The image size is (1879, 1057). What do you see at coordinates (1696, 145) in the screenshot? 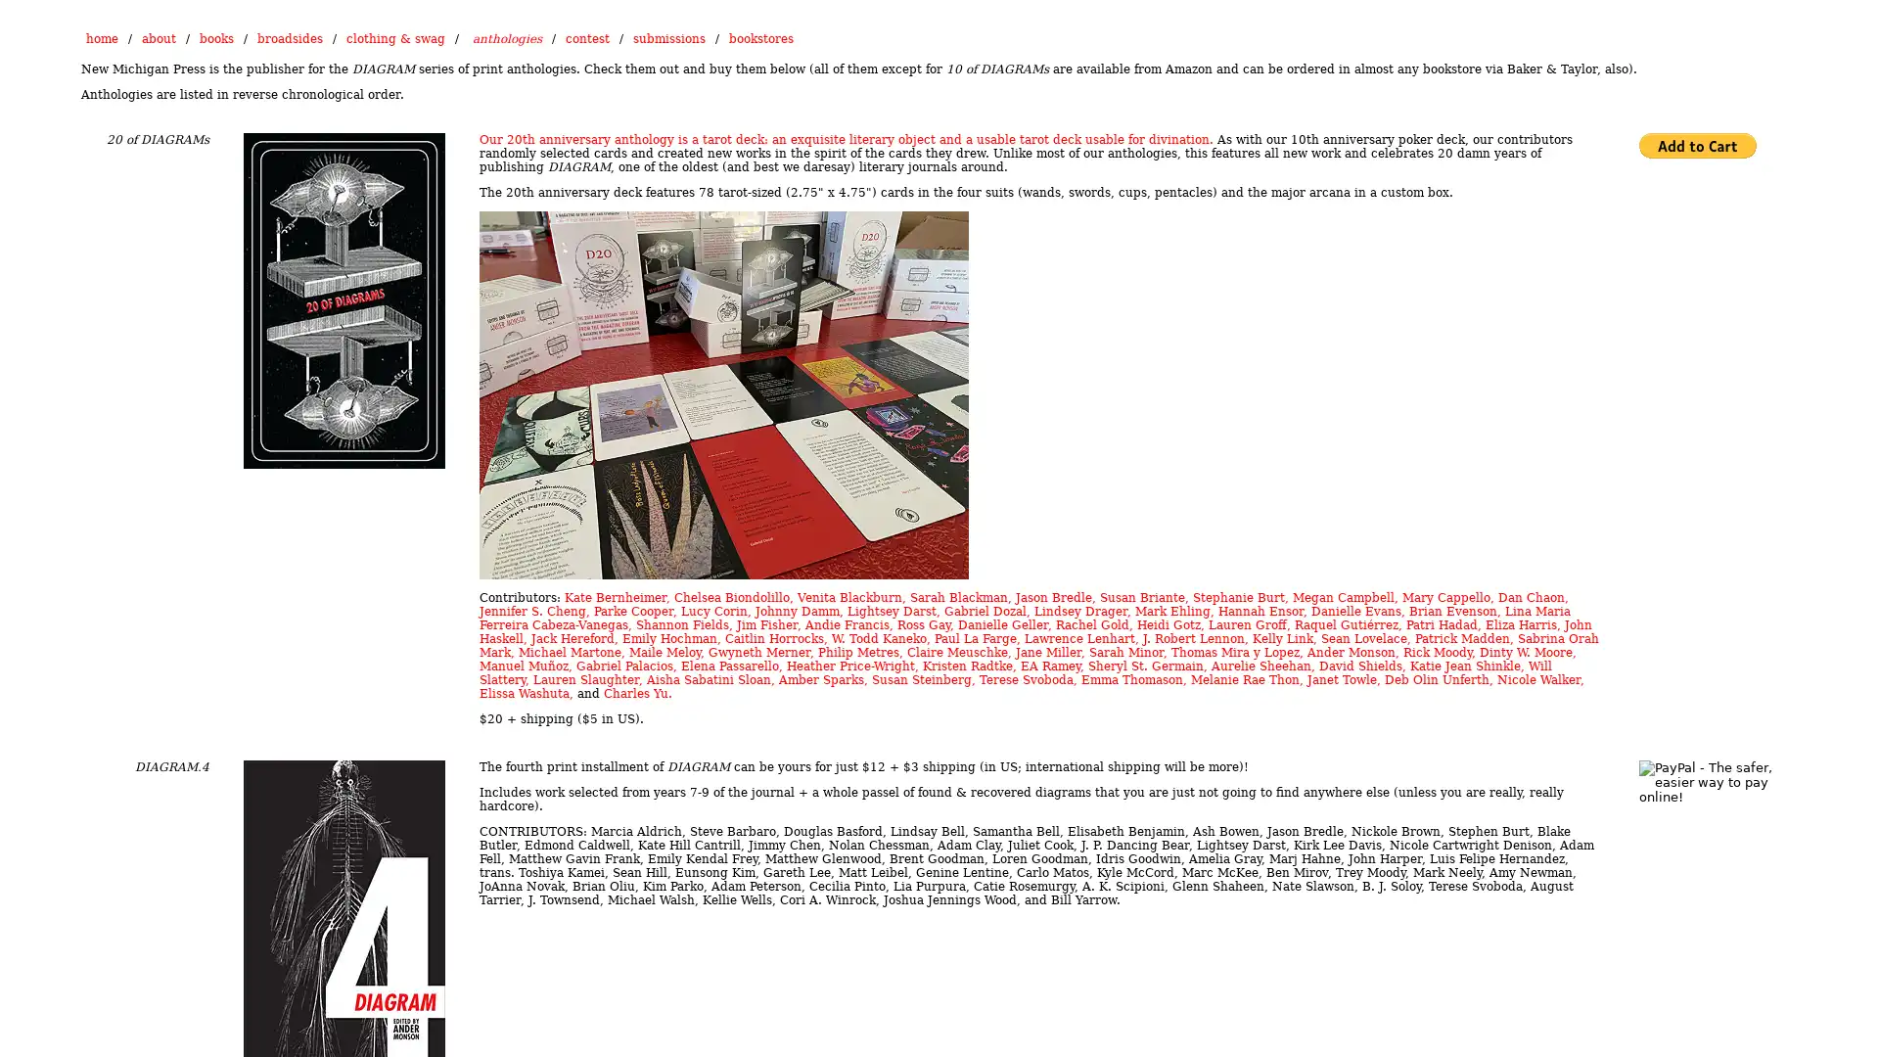
I see `PayPal - The safer, easier way to pay online!` at bounding box center [1696, 145].